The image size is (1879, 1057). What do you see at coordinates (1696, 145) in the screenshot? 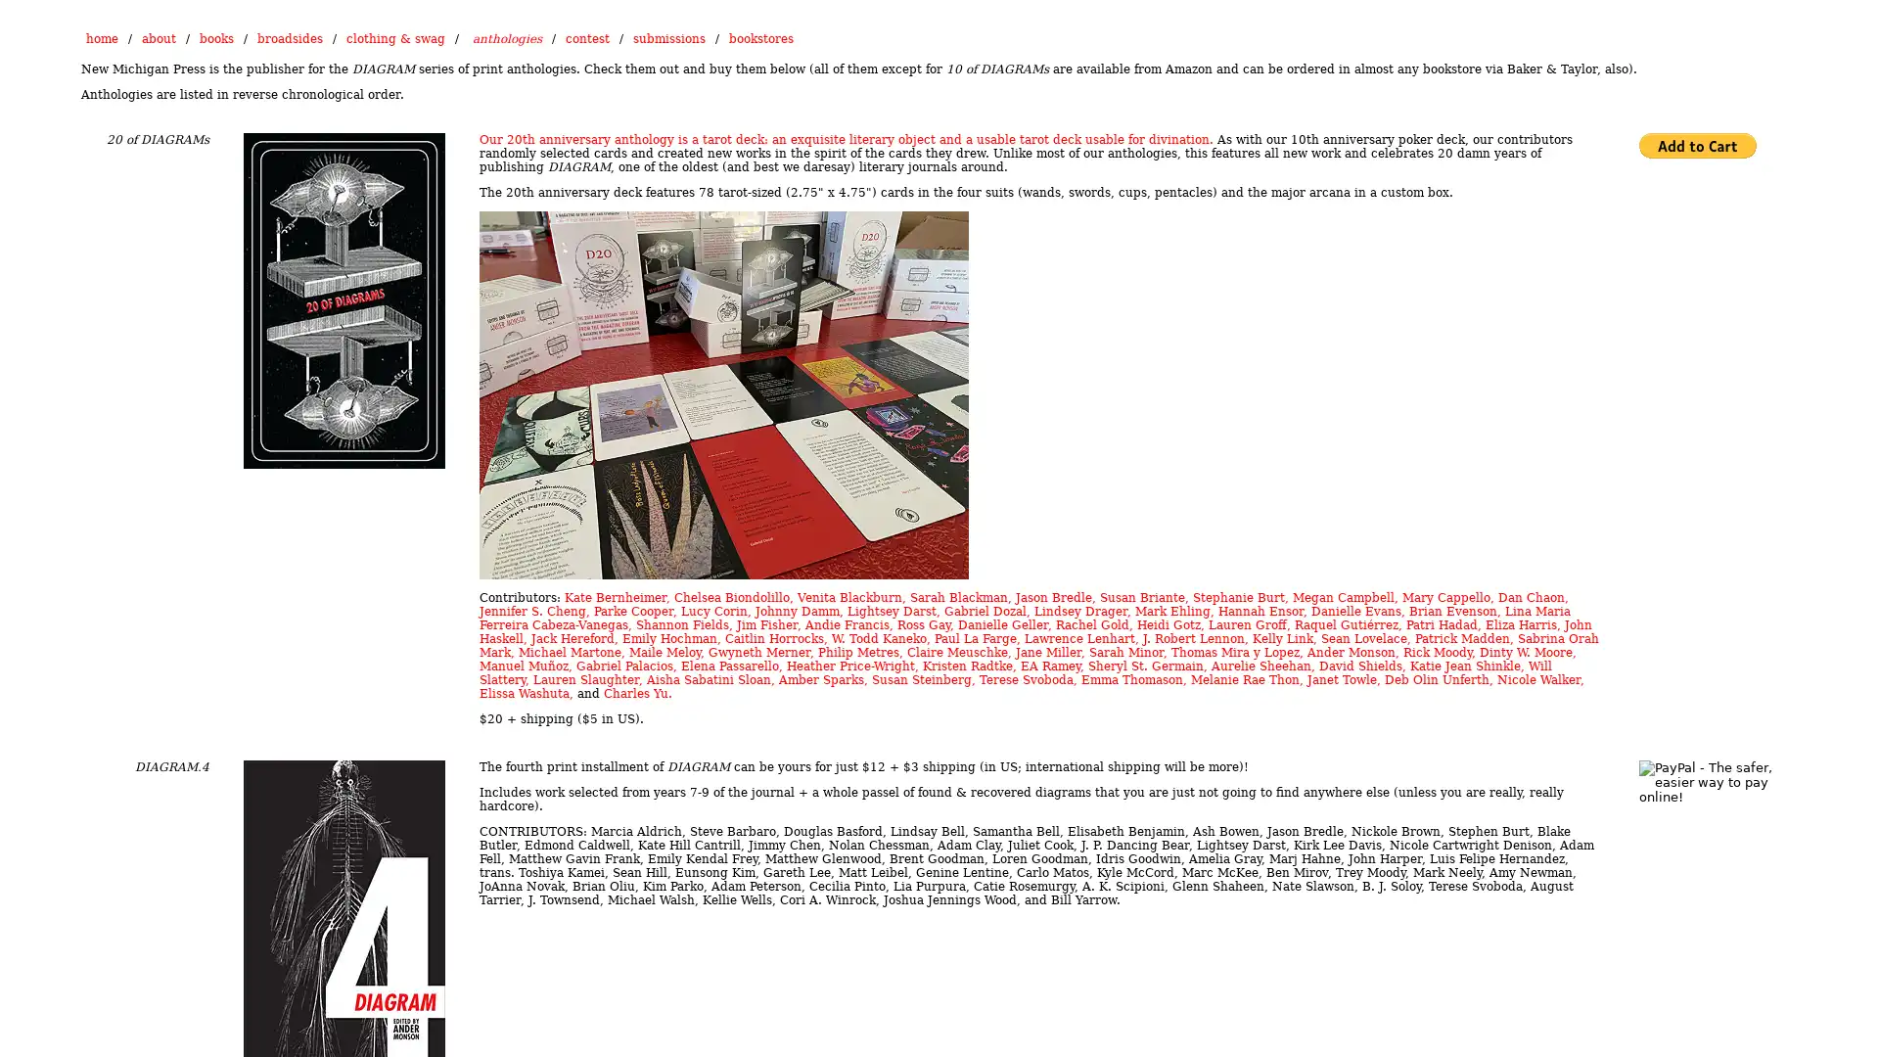
I see `PayPal - The safer, easier way to pay online!` at bounding box center [1696, 145].